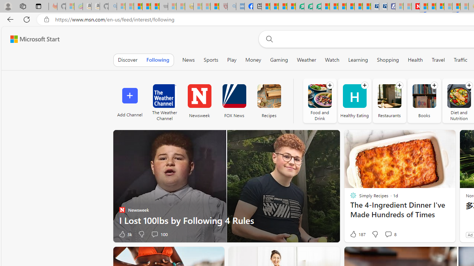  Describe the element at coordinates (468, 85) in the screenshot. I see `'Follow channel'` at that location.